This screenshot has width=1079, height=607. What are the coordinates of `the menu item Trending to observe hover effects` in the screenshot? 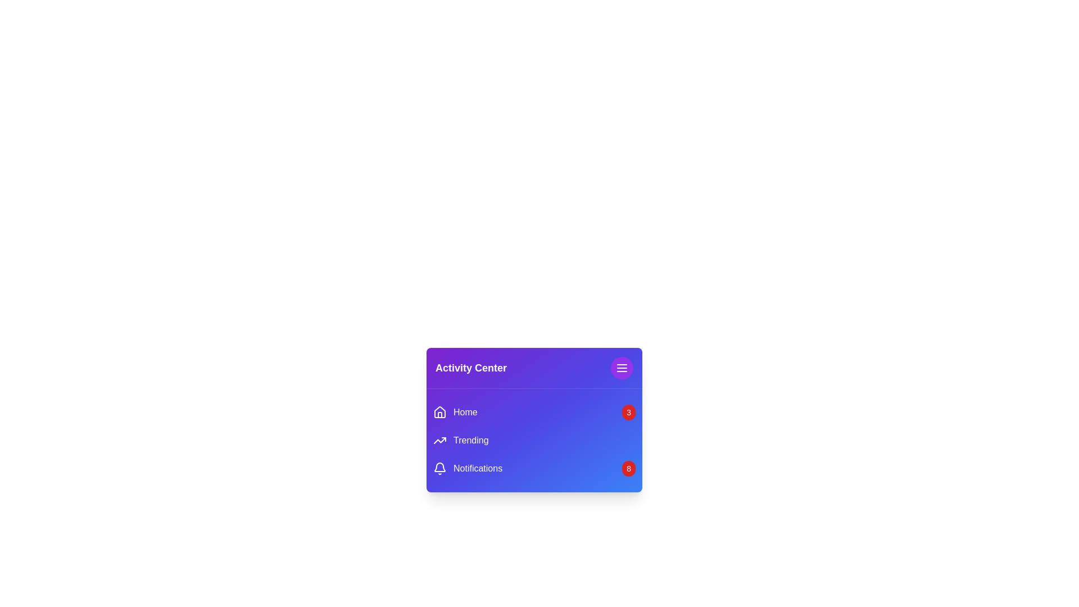 It's located at (461, 440).